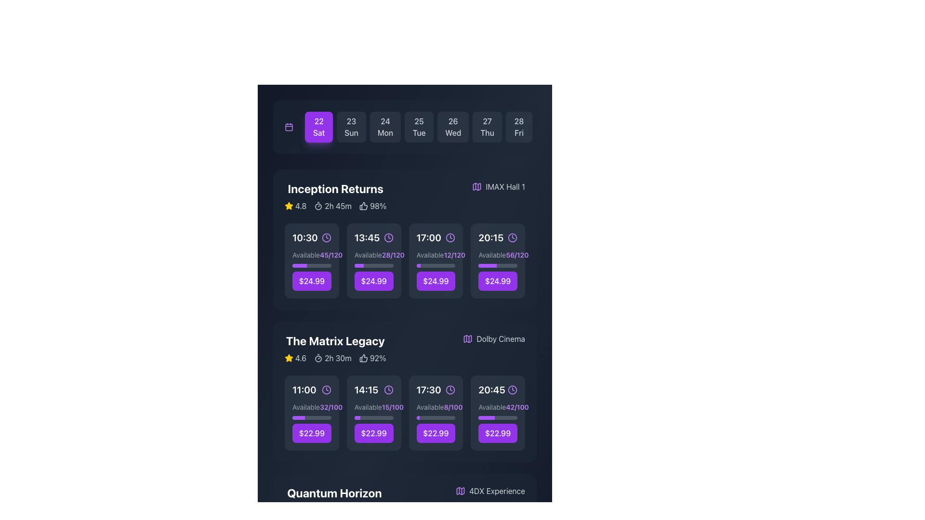  What do you see at coordinates (468, 338) in the screenshot?
I see `map icon located in the top-right corner of the 'Inception Returns' section, adjacent to the text 'IMAX Hall 1'` at bounding box center [468, 338].